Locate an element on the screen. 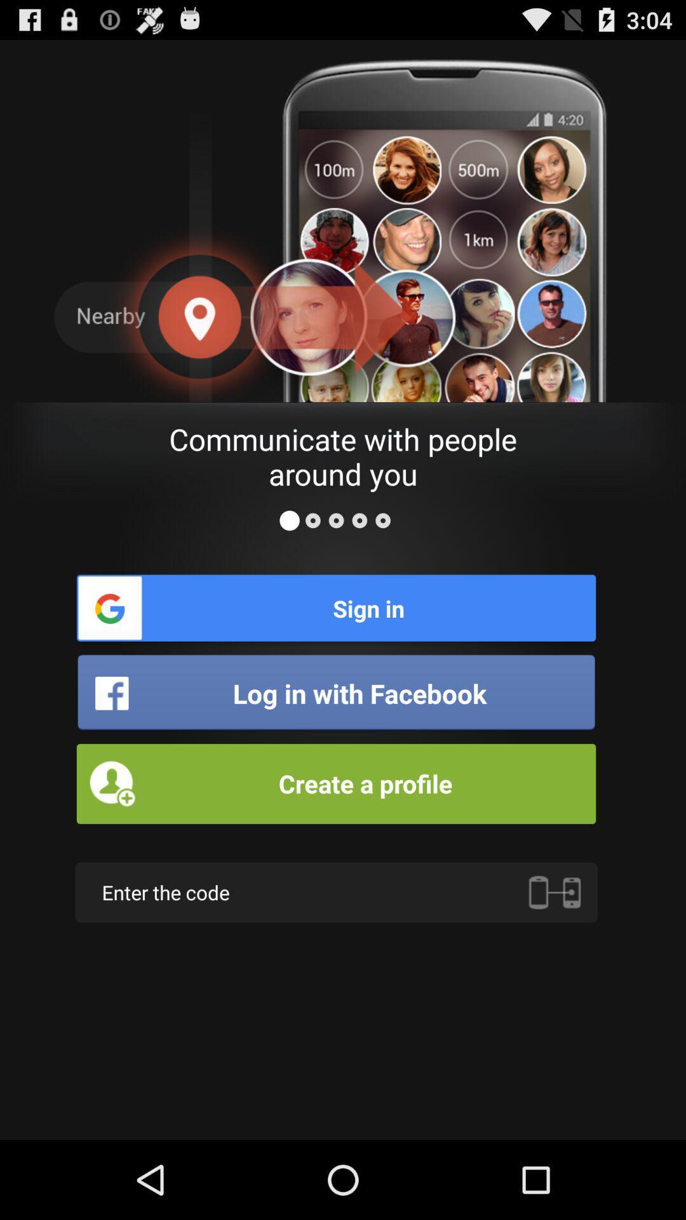 The image size is (686, 1220). sign in icon is located at coordinates (335, 607).